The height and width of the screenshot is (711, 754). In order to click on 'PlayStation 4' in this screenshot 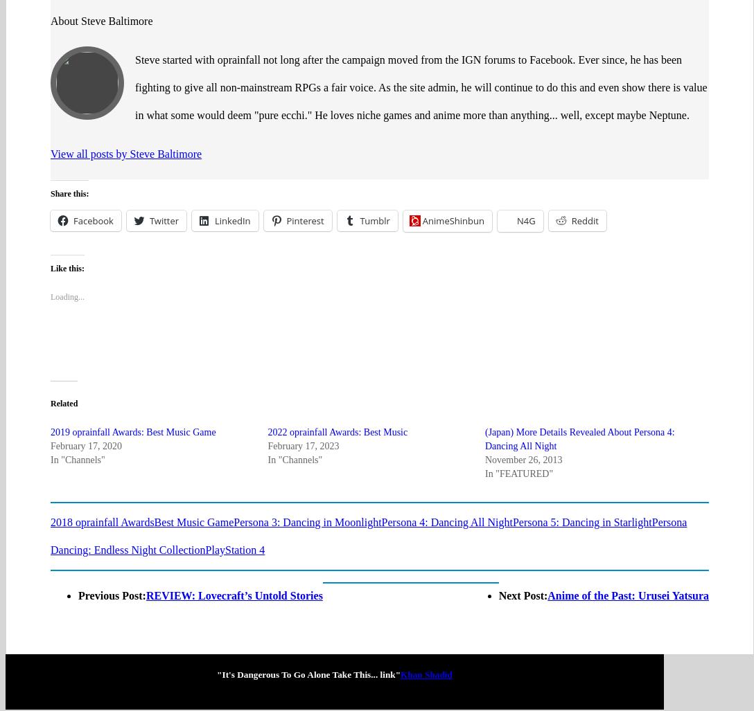, I will do `click(205, 496)`.